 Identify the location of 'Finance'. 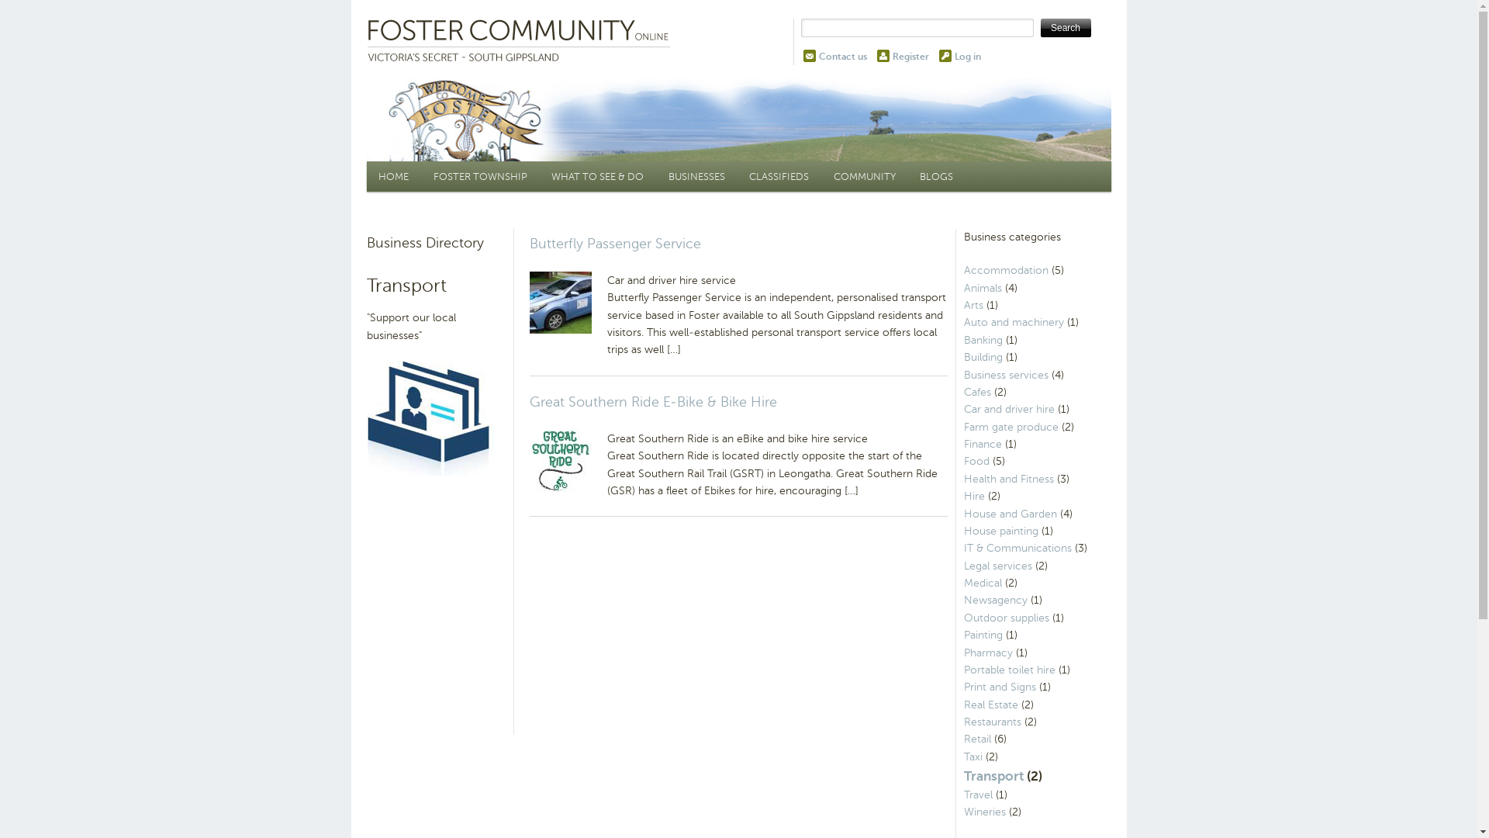
(981, 444).